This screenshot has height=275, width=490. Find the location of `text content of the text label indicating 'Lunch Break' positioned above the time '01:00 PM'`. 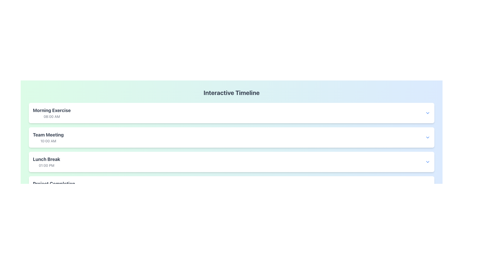

text content of the text label indicating 'Lunch Break' positioned above the time '01:00 PM' is located at coordinates (46, 159).